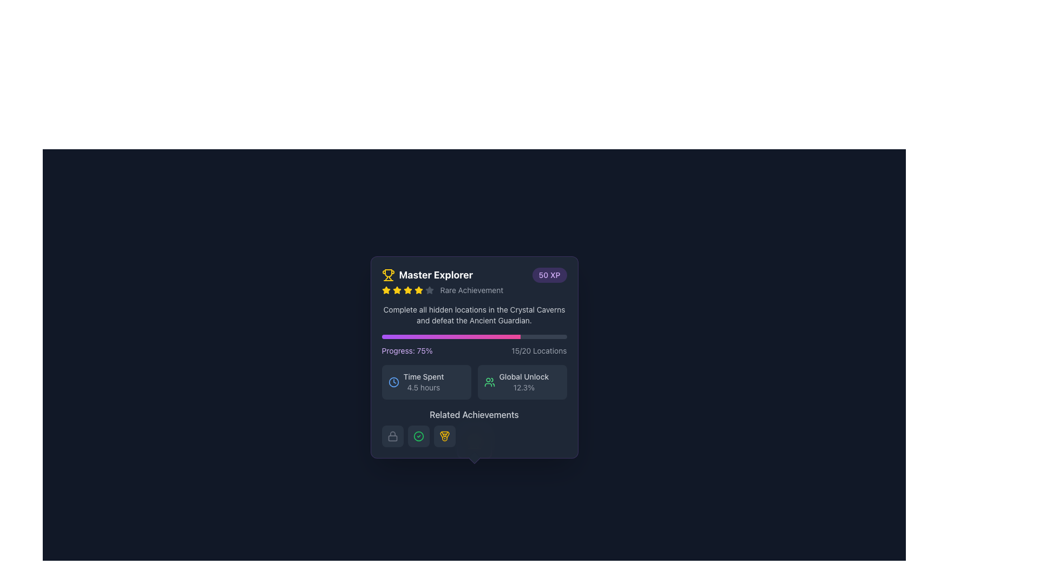 Image resolution: width=1039 pixels, height=584 pixels. What do you see at coordinates (474, 315) in the screenshot?
I see `informational content of the text description that is centrally located within the dark-themed popup modal, specifically the text that reads: 'Complete all hidden locations in the Crystal Caverns and defeat the Ancient Guardian.'` at bounding box center [474, 315].